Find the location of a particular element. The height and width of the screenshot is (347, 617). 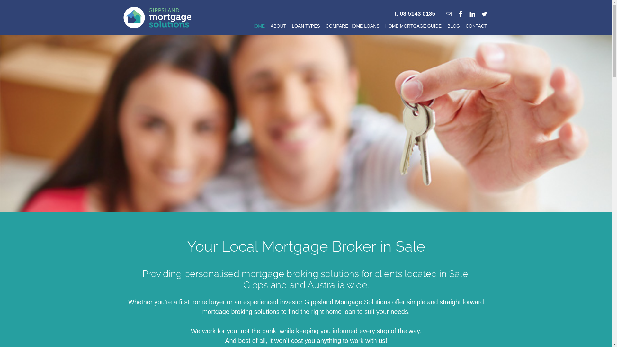

'ABOUT' is located at coordinates (278, 27).